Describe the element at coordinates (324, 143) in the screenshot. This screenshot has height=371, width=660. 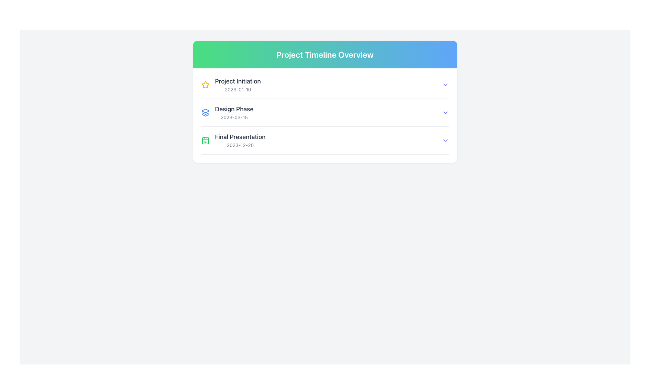
I see `the third list item under the 'Project Timeline Overview' section` at that location.